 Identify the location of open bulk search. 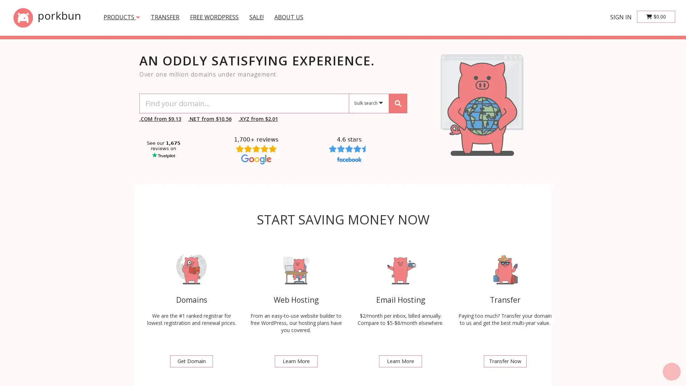
(369, 103).